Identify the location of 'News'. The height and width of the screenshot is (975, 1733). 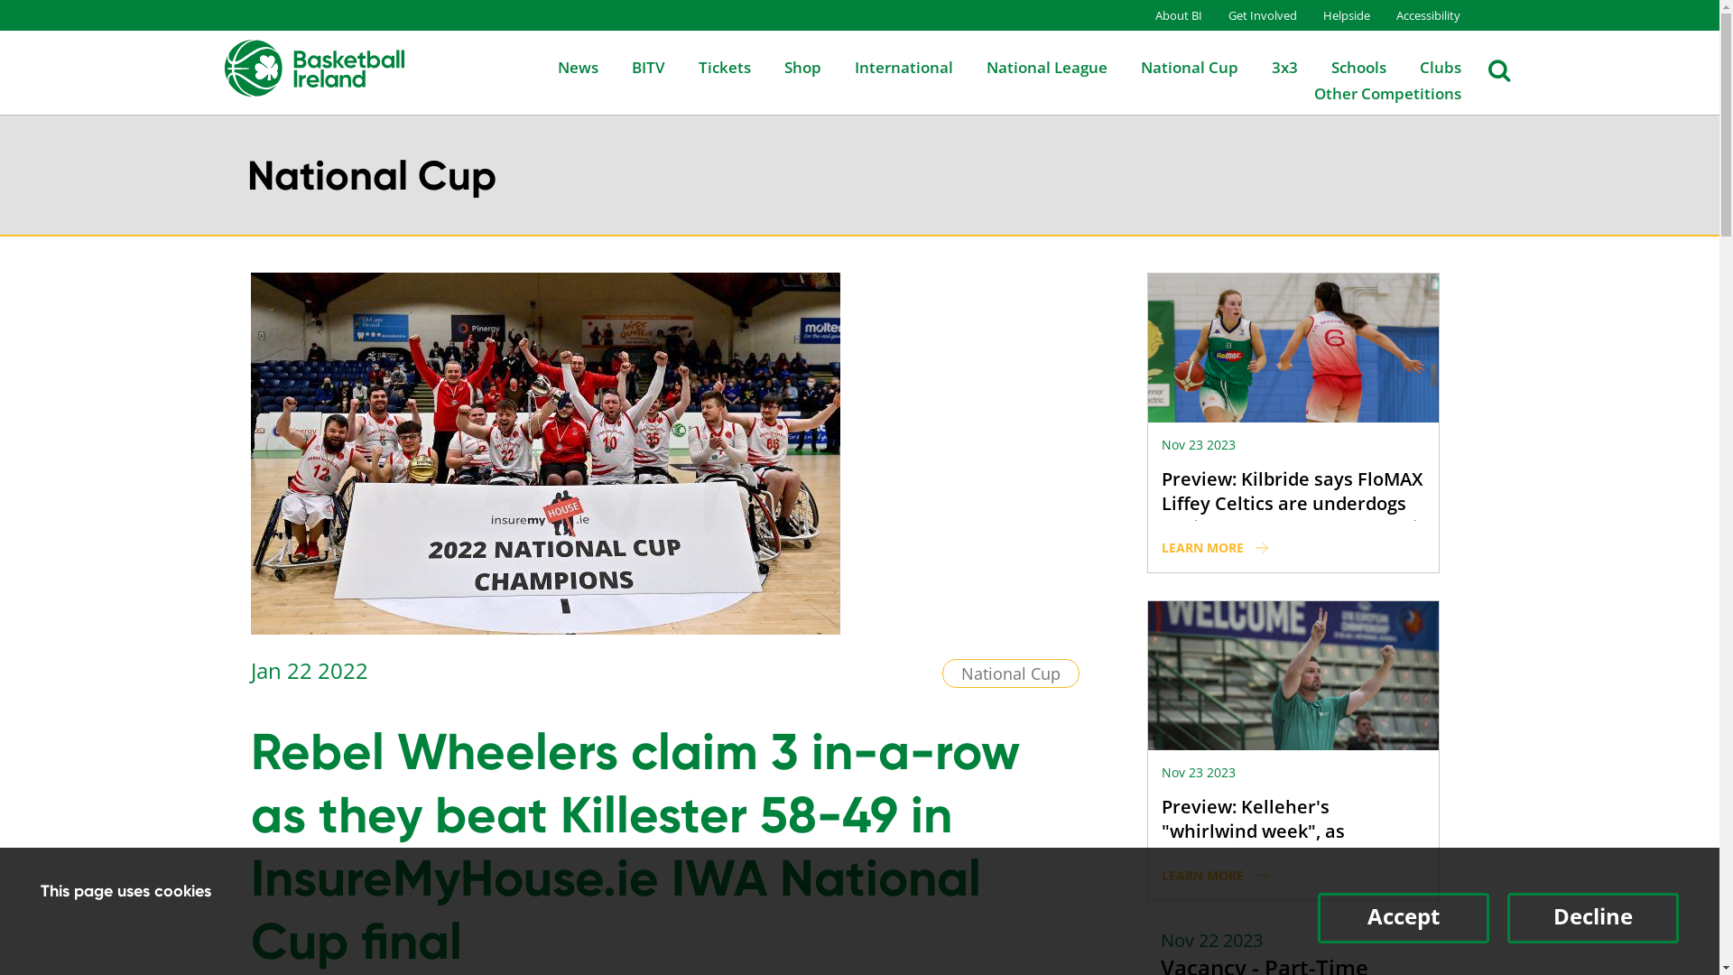
(526, 66).